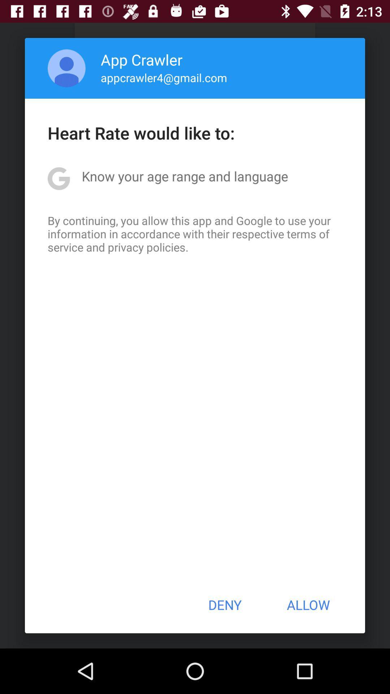  I want to click on app crawler item, so click(142, 59).